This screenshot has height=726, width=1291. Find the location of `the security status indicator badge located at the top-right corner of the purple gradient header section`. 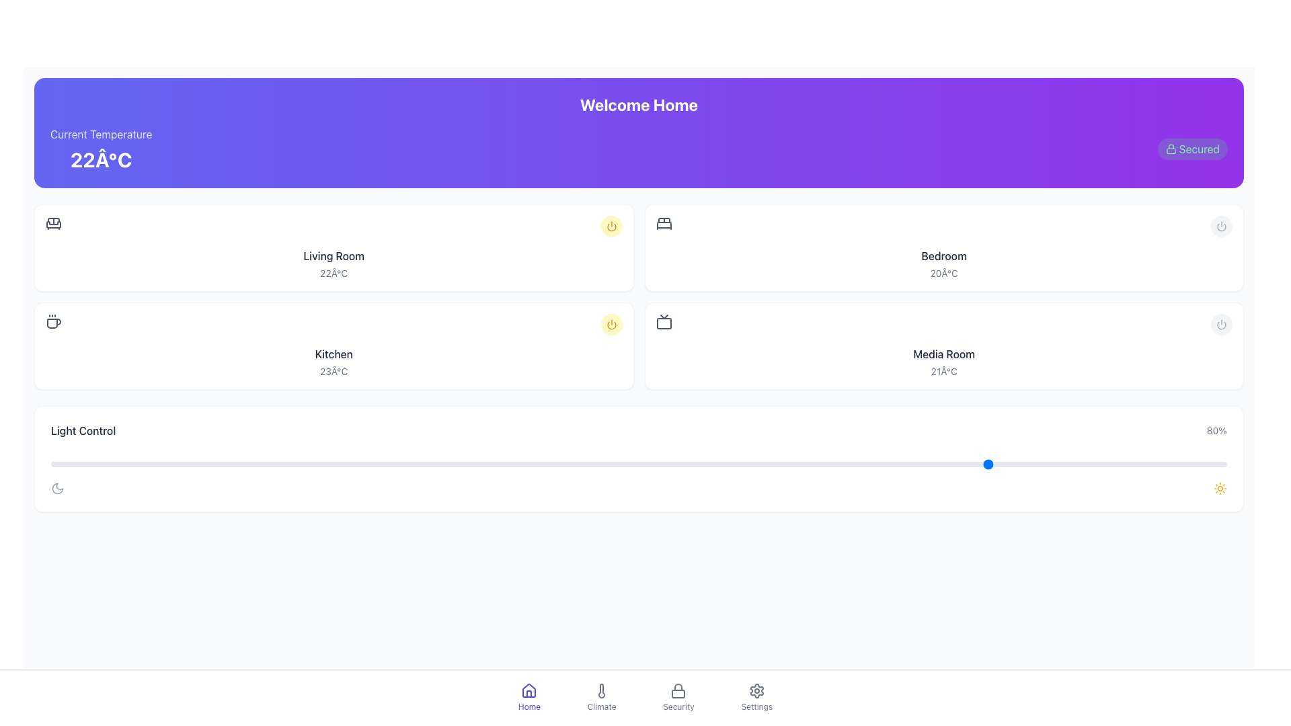

the security status indicator badge located at the top-right corner of the purple gradient header section is located at coordinates (1192, 149).